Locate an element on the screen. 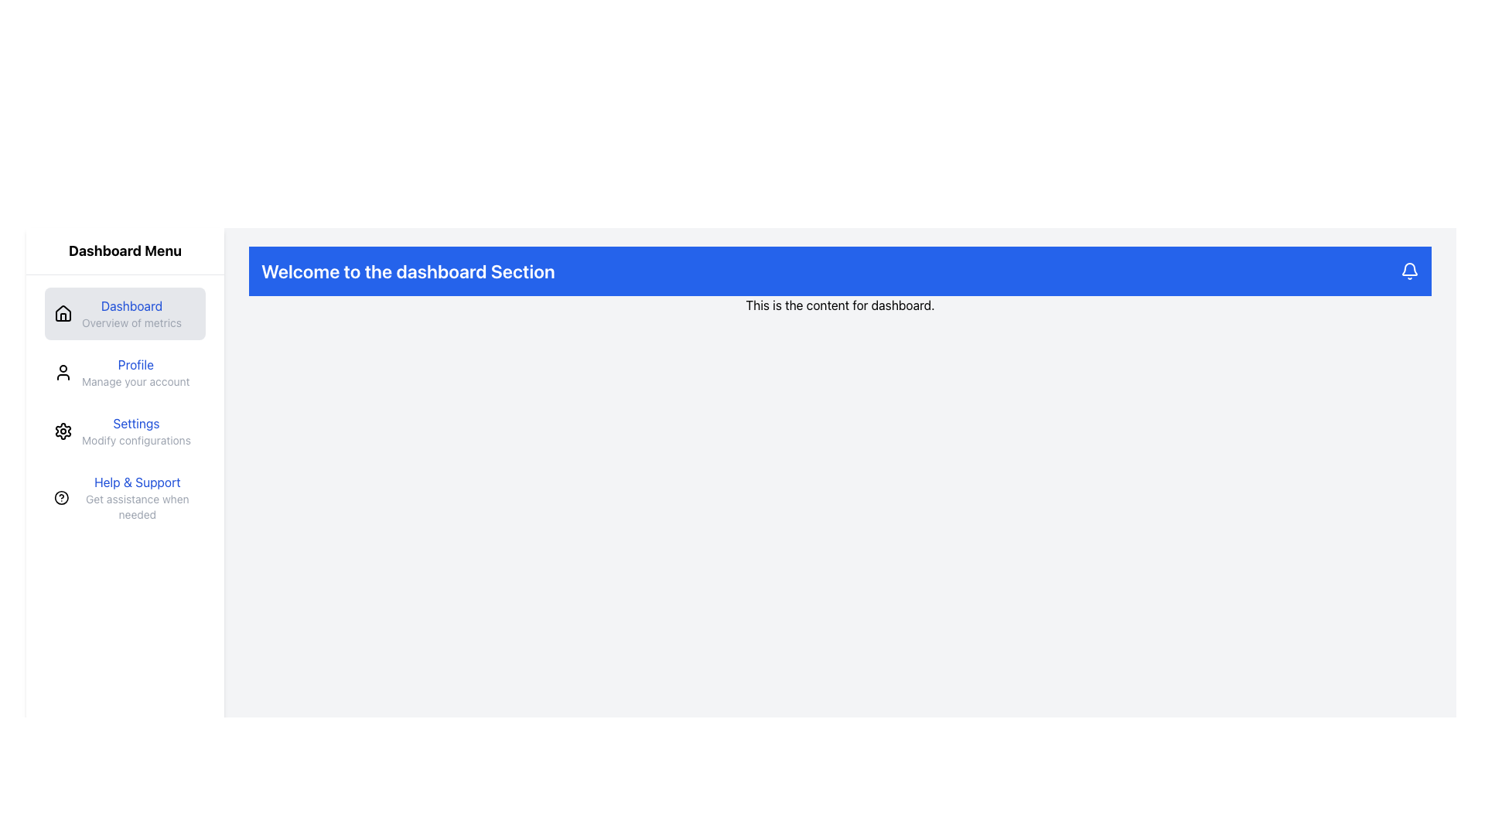 This screenshot has height=835, width=1485. the second item in the vertical sidebar menu, which provides access to profile management settings, to potentially reveal more options or effects is located at coordinates (125, 373).